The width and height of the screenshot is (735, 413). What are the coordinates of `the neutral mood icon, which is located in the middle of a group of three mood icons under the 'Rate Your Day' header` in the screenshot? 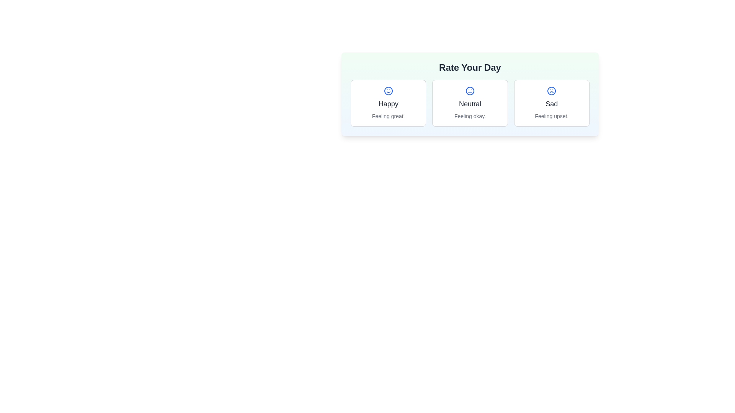 It's located at (470, 91).